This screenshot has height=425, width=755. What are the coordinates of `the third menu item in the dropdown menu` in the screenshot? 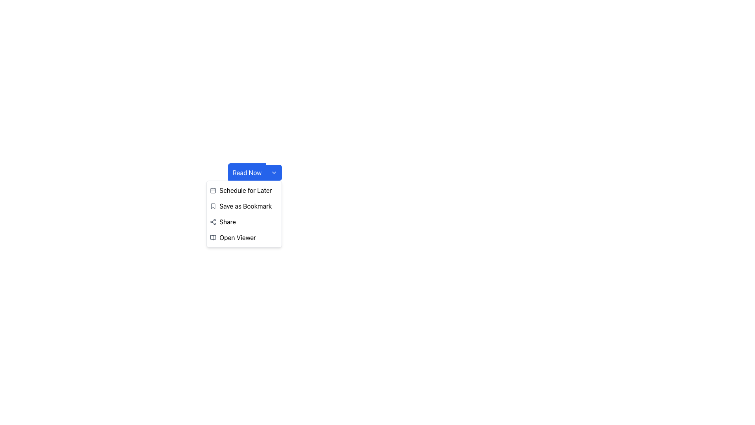 It's located at (244, 222).